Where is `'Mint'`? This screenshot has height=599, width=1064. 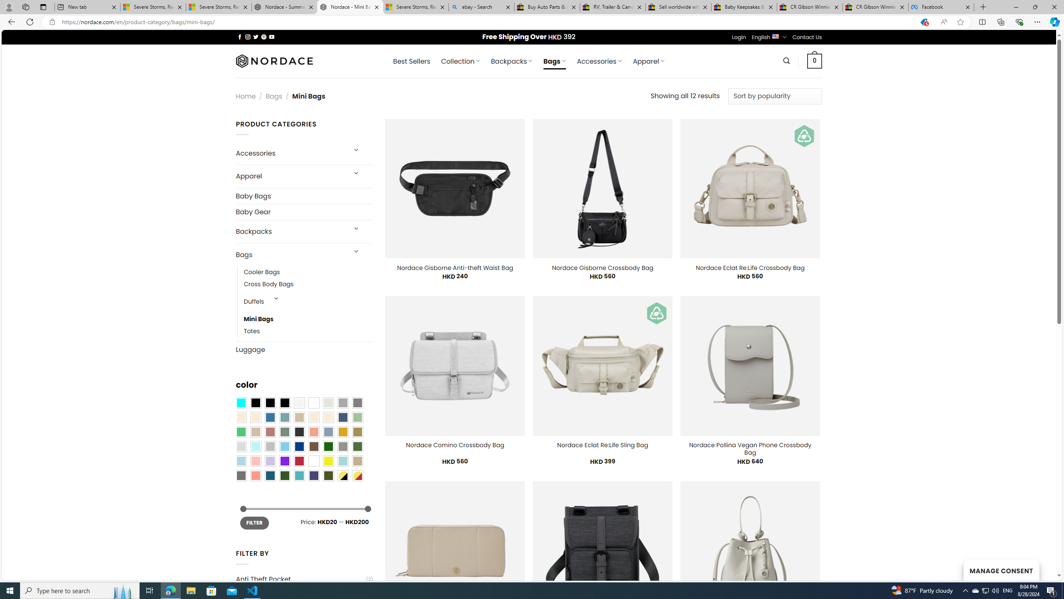 'Mint' is located at coordinates (255, 446).